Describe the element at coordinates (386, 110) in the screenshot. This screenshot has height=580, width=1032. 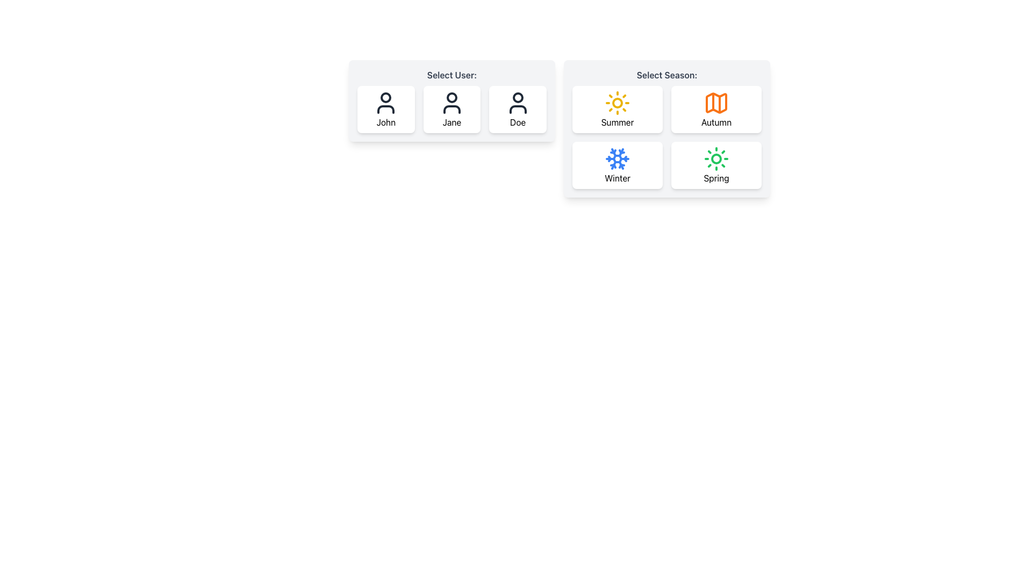
I see `the torso of the user profile icon representing 'John' in the 'Select User:' section, located in the top left group of the interface` at that location.